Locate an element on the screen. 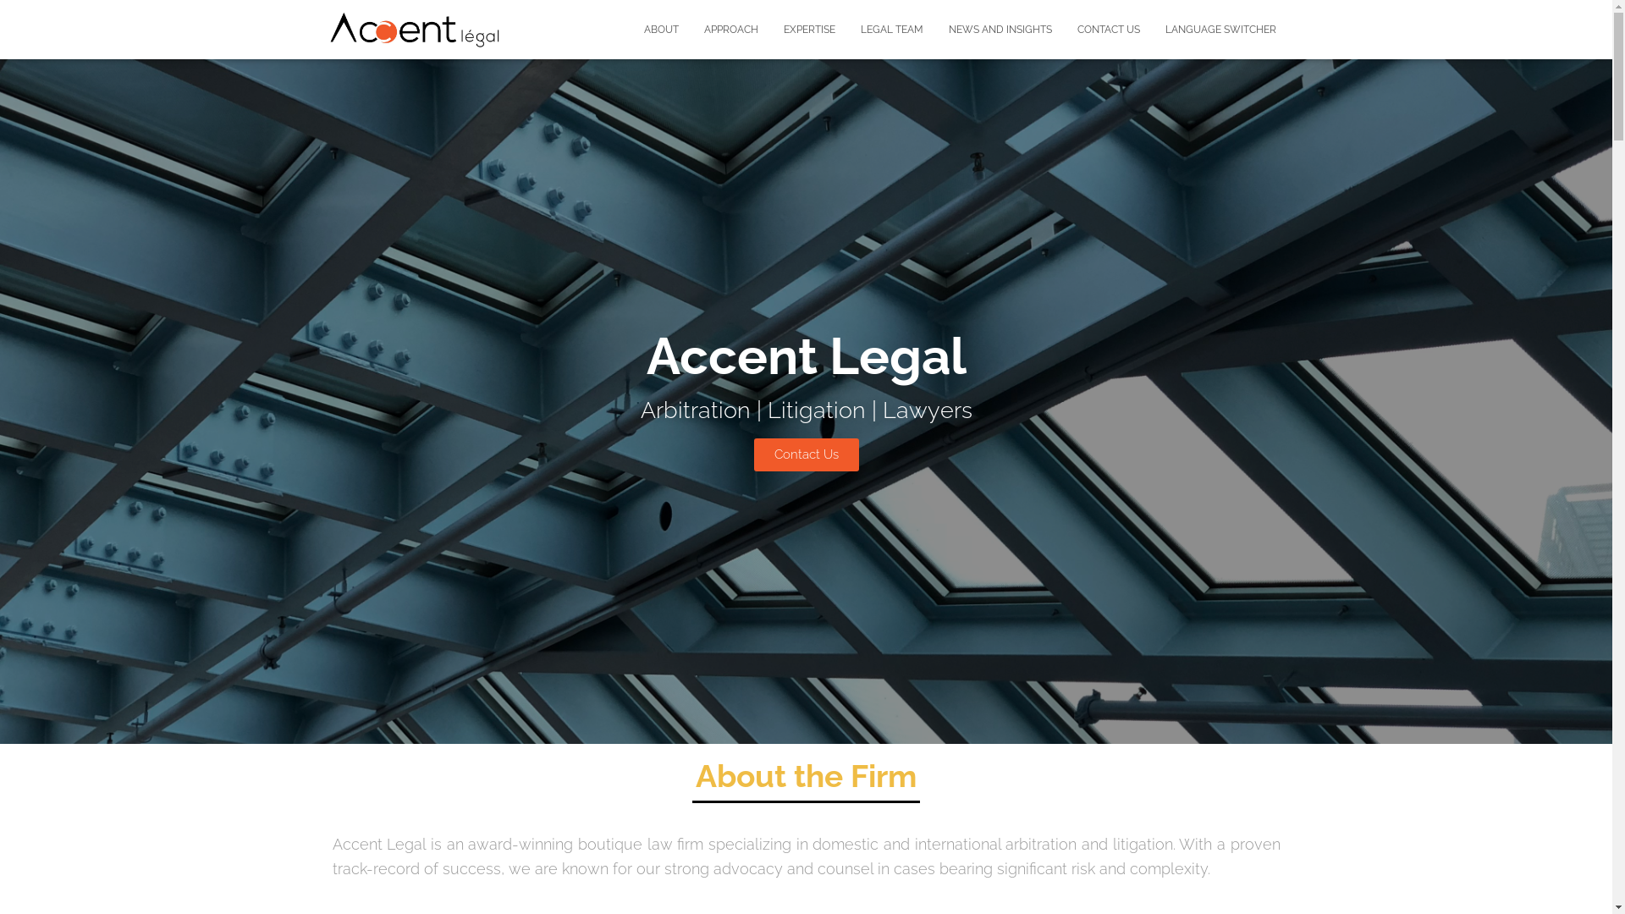 This screenshot has height=914, width=1625. 'APPROACH' is located at coordinates (730, 29).